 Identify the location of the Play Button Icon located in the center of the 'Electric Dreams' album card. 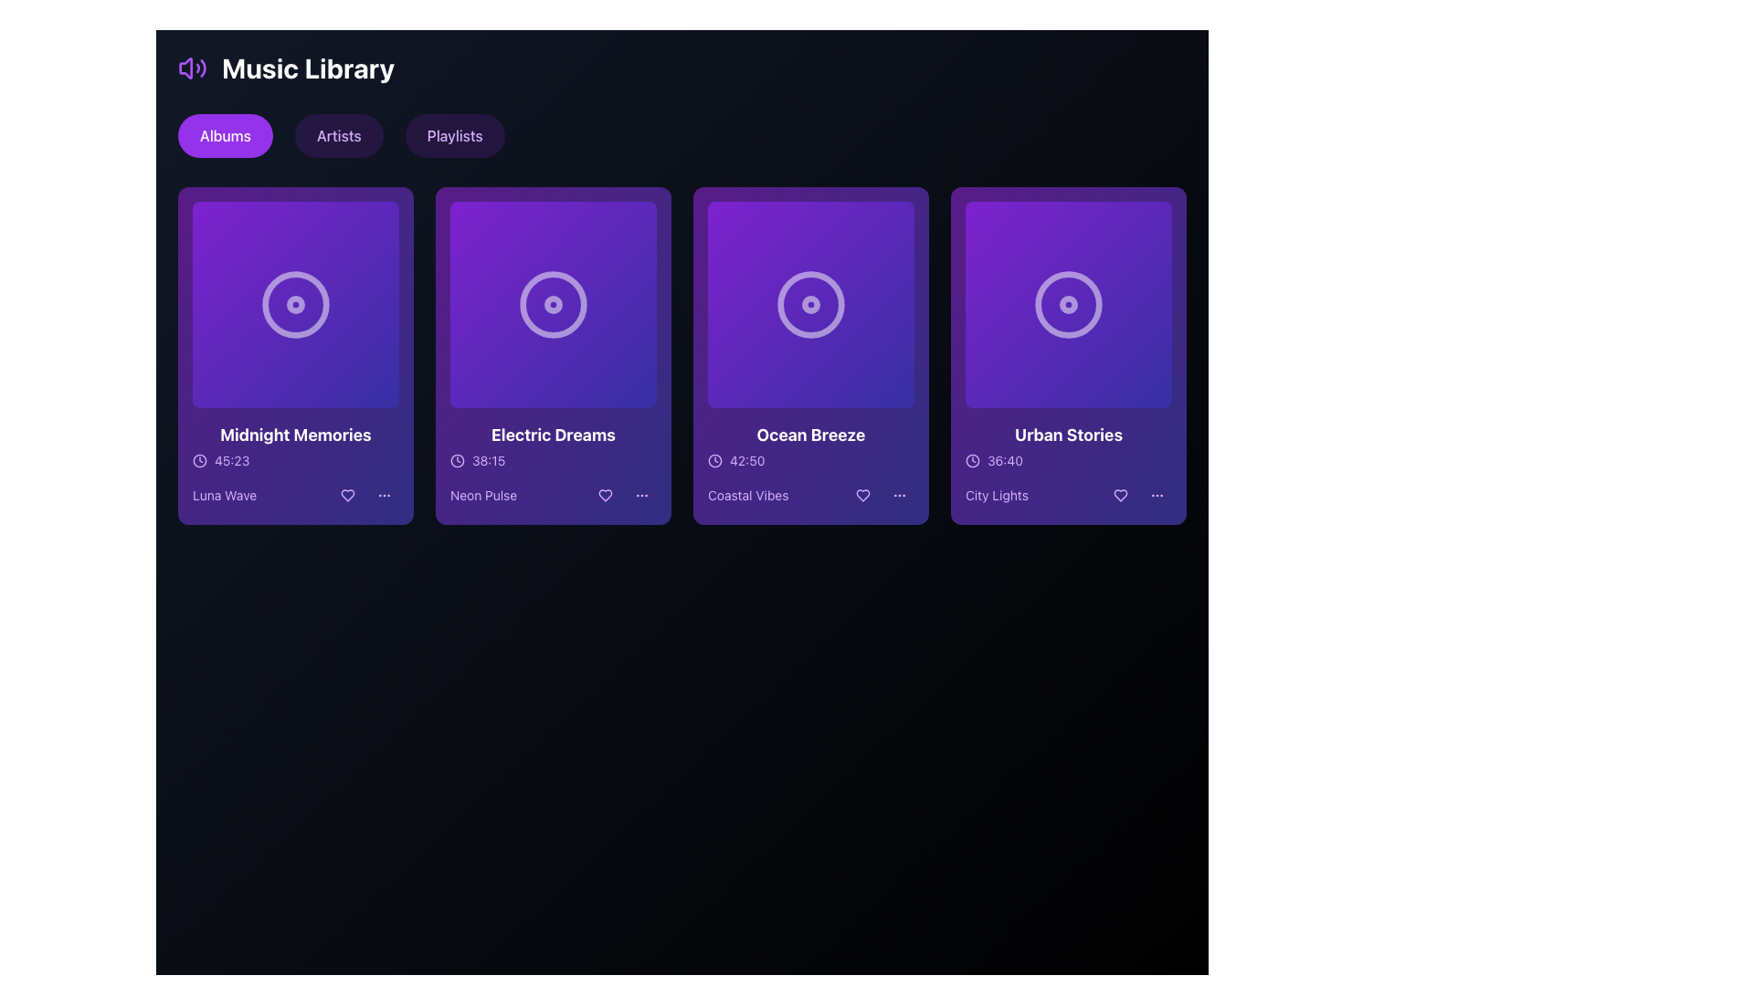
(552, 304).